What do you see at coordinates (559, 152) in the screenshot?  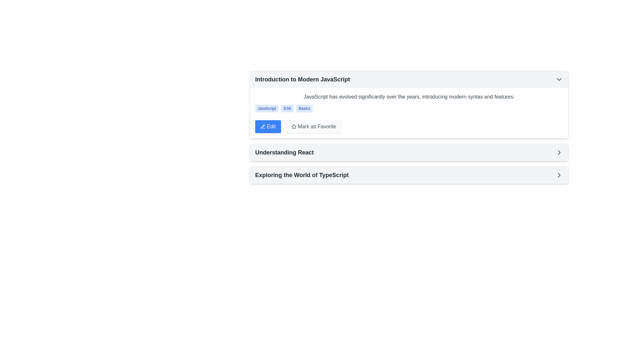 I see `the chevron-shaped button located on the right edge of the 'Exploring the World of TypeScript' section` at bounding box center [559, 152].